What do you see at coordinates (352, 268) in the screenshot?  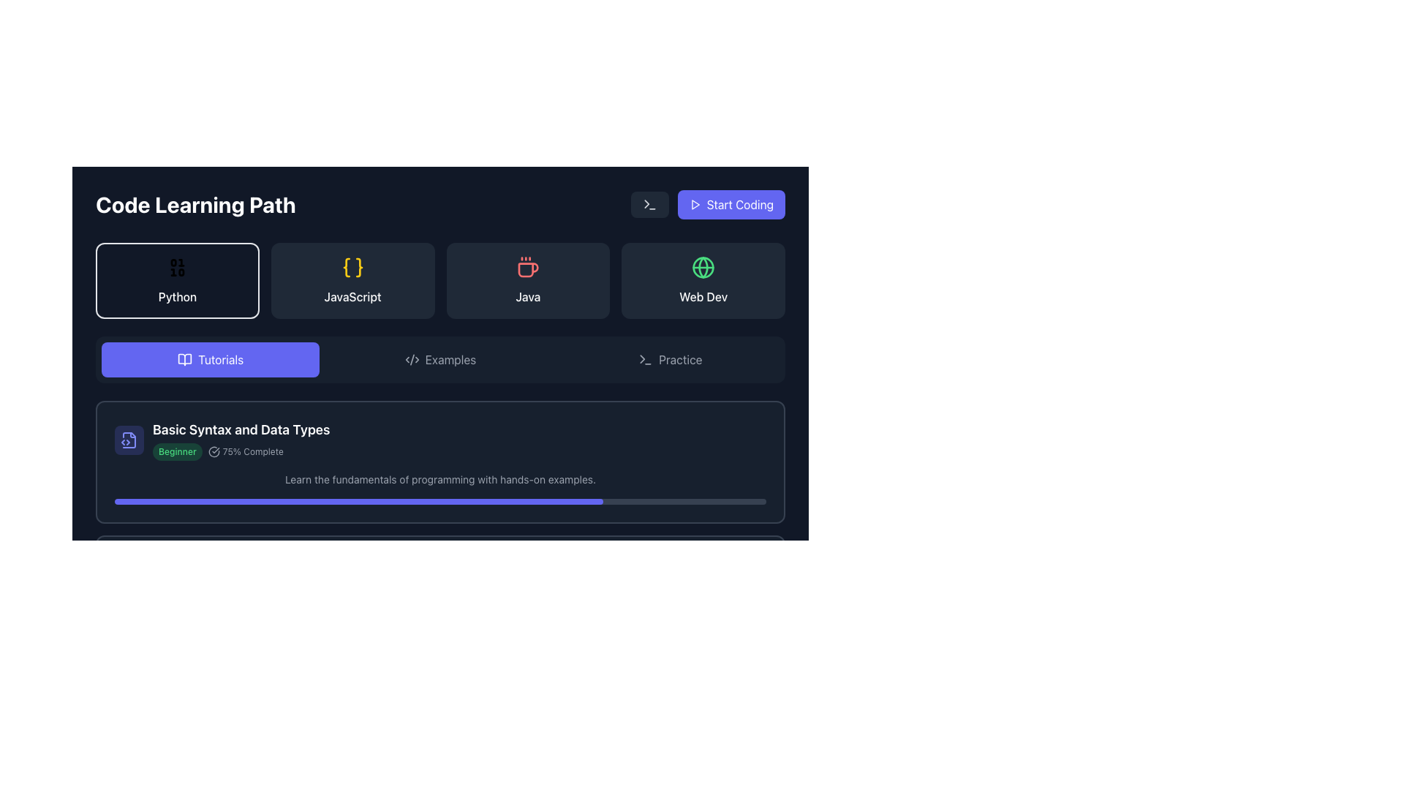 I see `the JavaScript icon located at the top center of the card labeled 'JavaScript', which is the second card among four` at bounding box center [352, 268].